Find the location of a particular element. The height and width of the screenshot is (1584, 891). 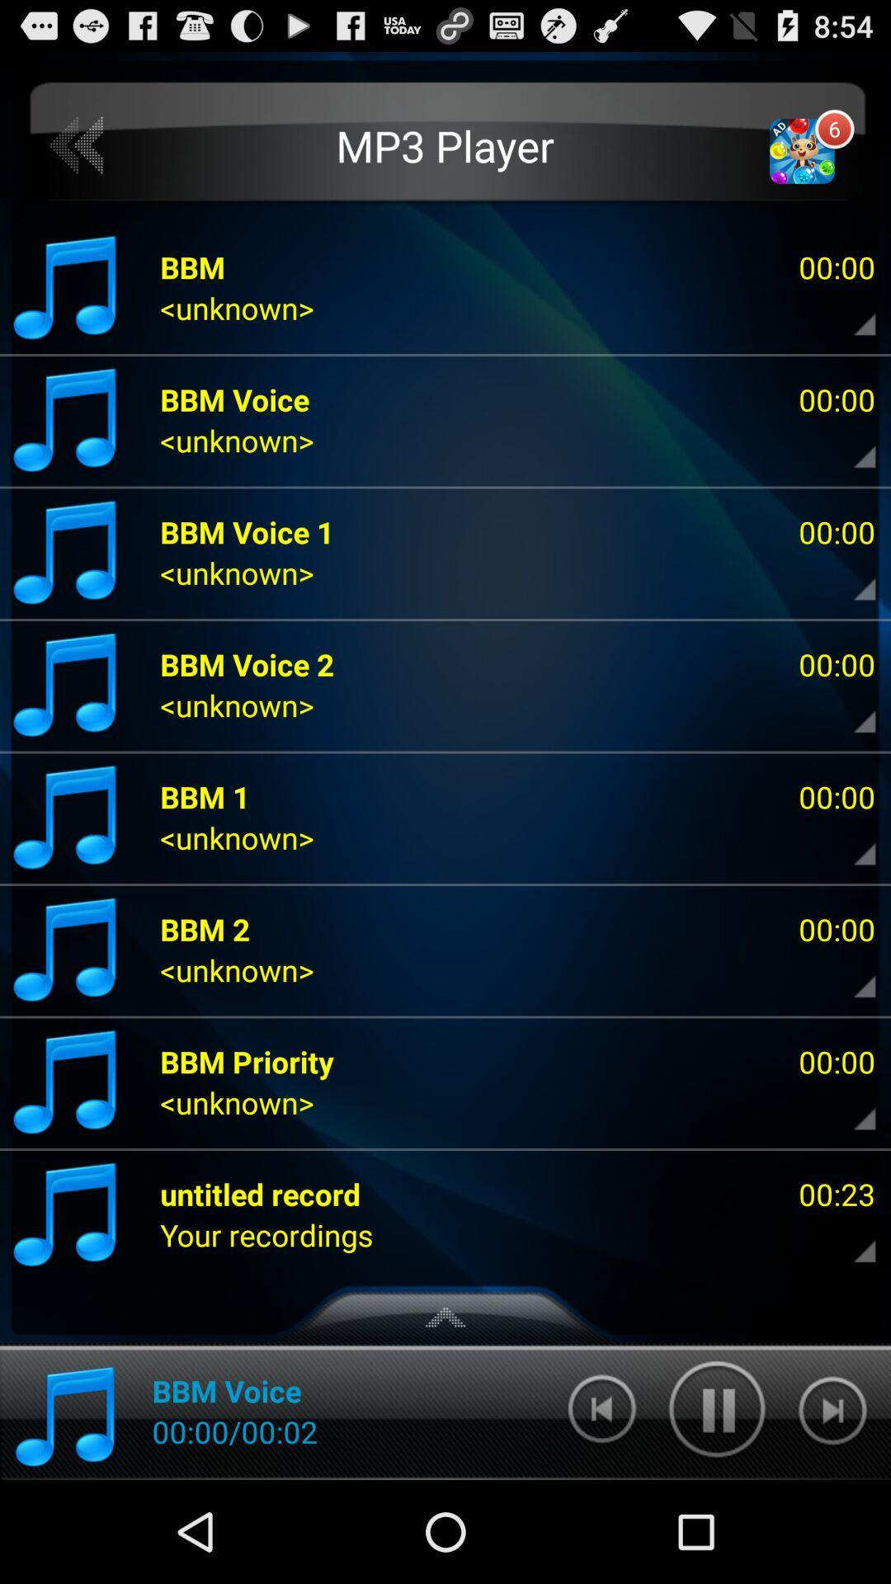

previous is located at coordinates (78, 146).